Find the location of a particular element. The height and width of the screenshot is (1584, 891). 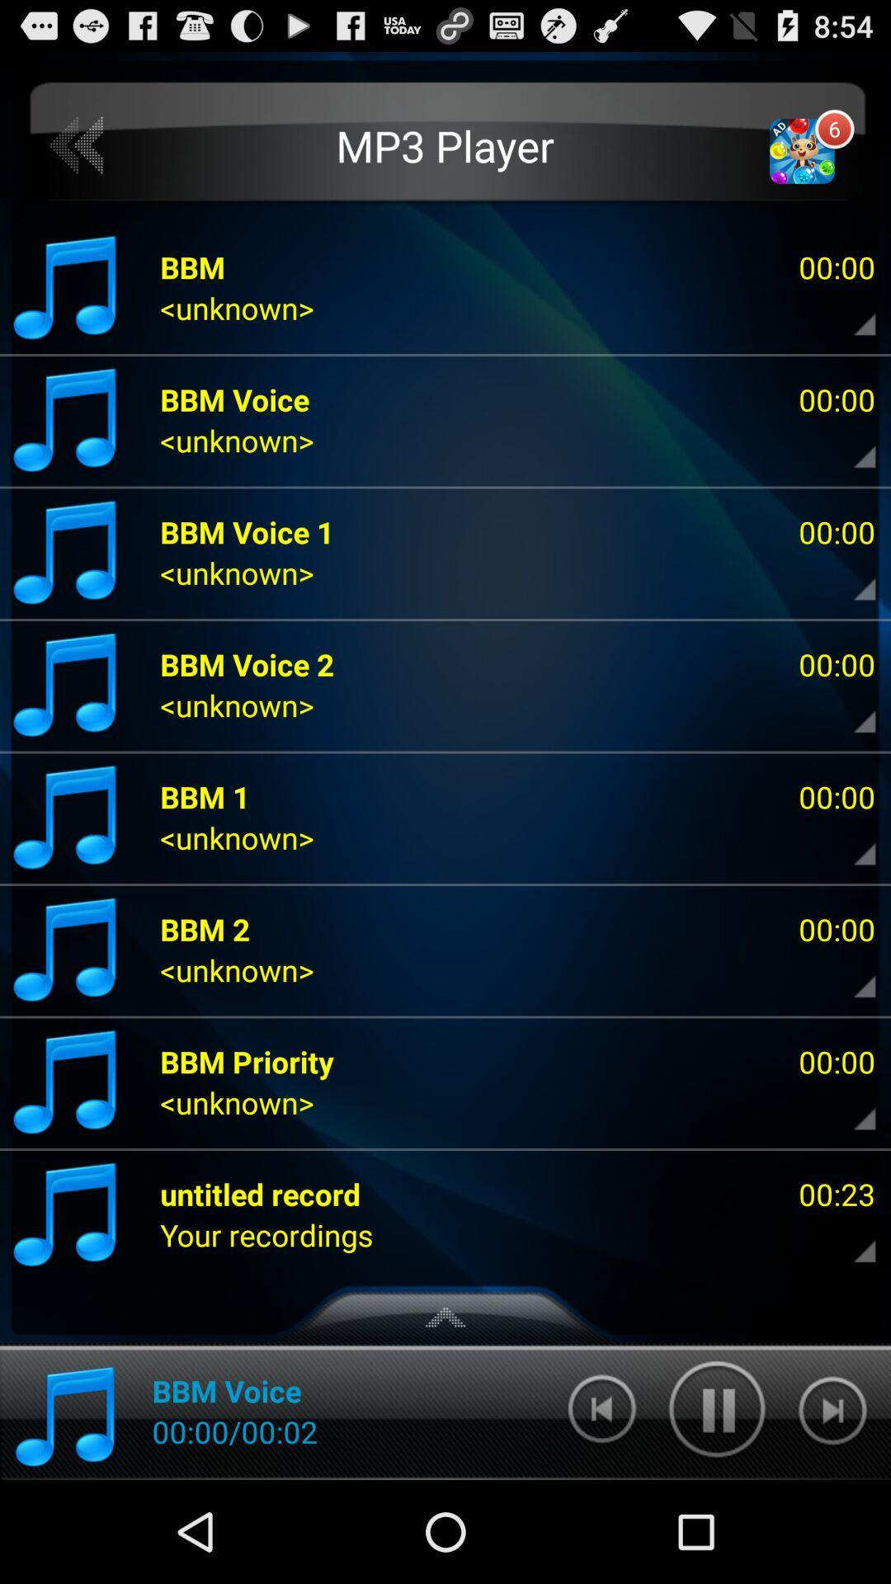

previous is located at coordinates (78, 146).